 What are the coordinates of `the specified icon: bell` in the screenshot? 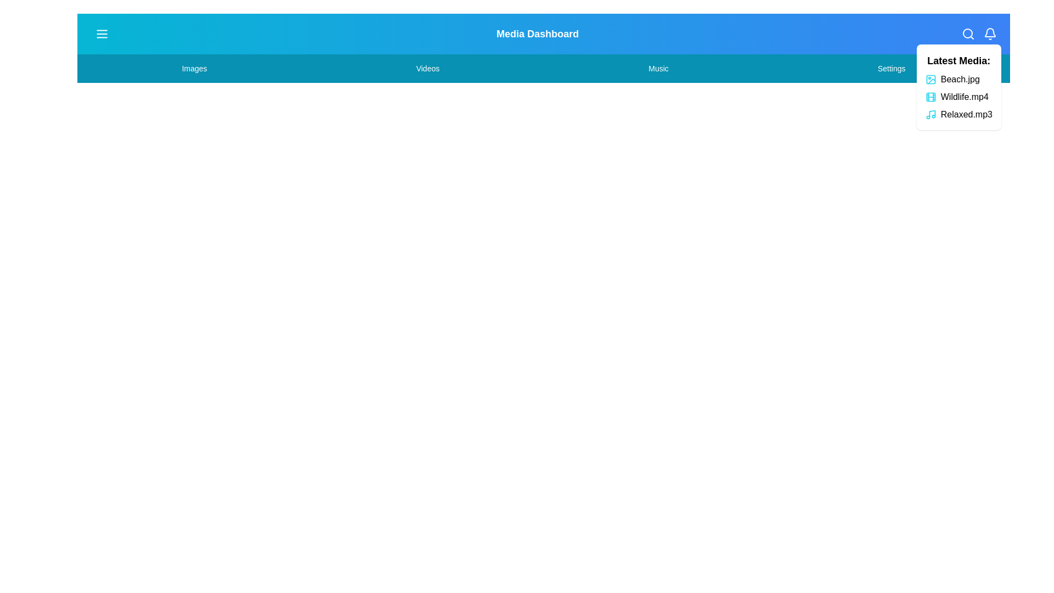 It's located at (990, 33).